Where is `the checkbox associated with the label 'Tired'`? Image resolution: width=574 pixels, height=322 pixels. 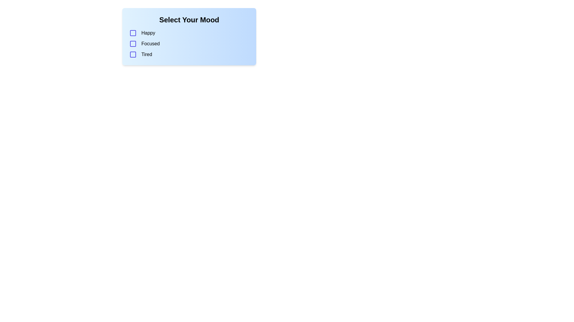
the checkbox associated with the label 'Tired' is located at coordinates (133, 54).